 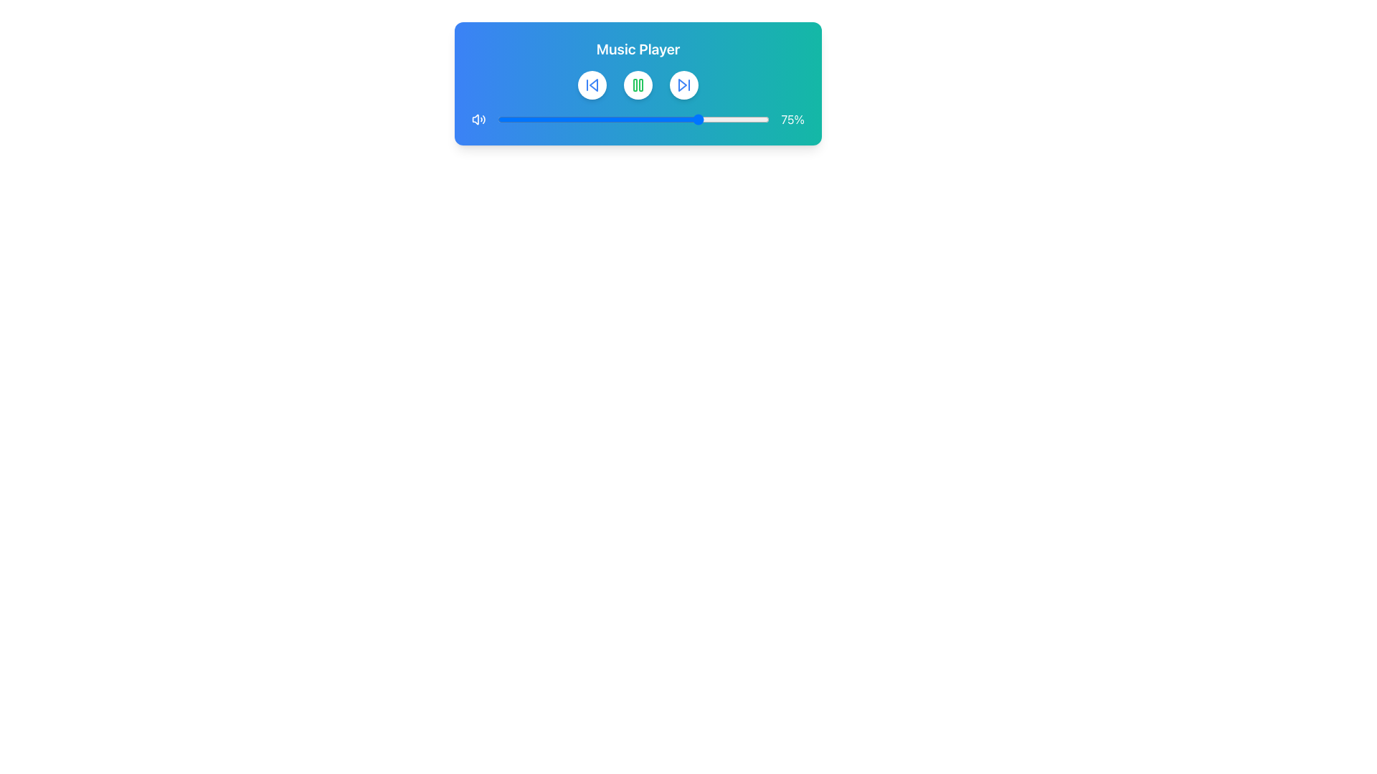 What do you see at coordinates (635, 85) in the screenshot?
I see `the left vertical bar of the pause button icon, which is part of the media playback interface, located at the center of the interface` at bounding box center [635, 85].